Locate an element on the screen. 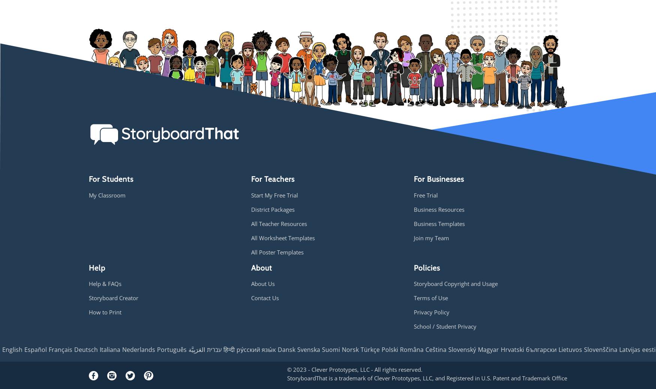 Image resolution: width=656 pixels, height=389 pixels. 'Nederlands' is located at coordinates (138, 349).